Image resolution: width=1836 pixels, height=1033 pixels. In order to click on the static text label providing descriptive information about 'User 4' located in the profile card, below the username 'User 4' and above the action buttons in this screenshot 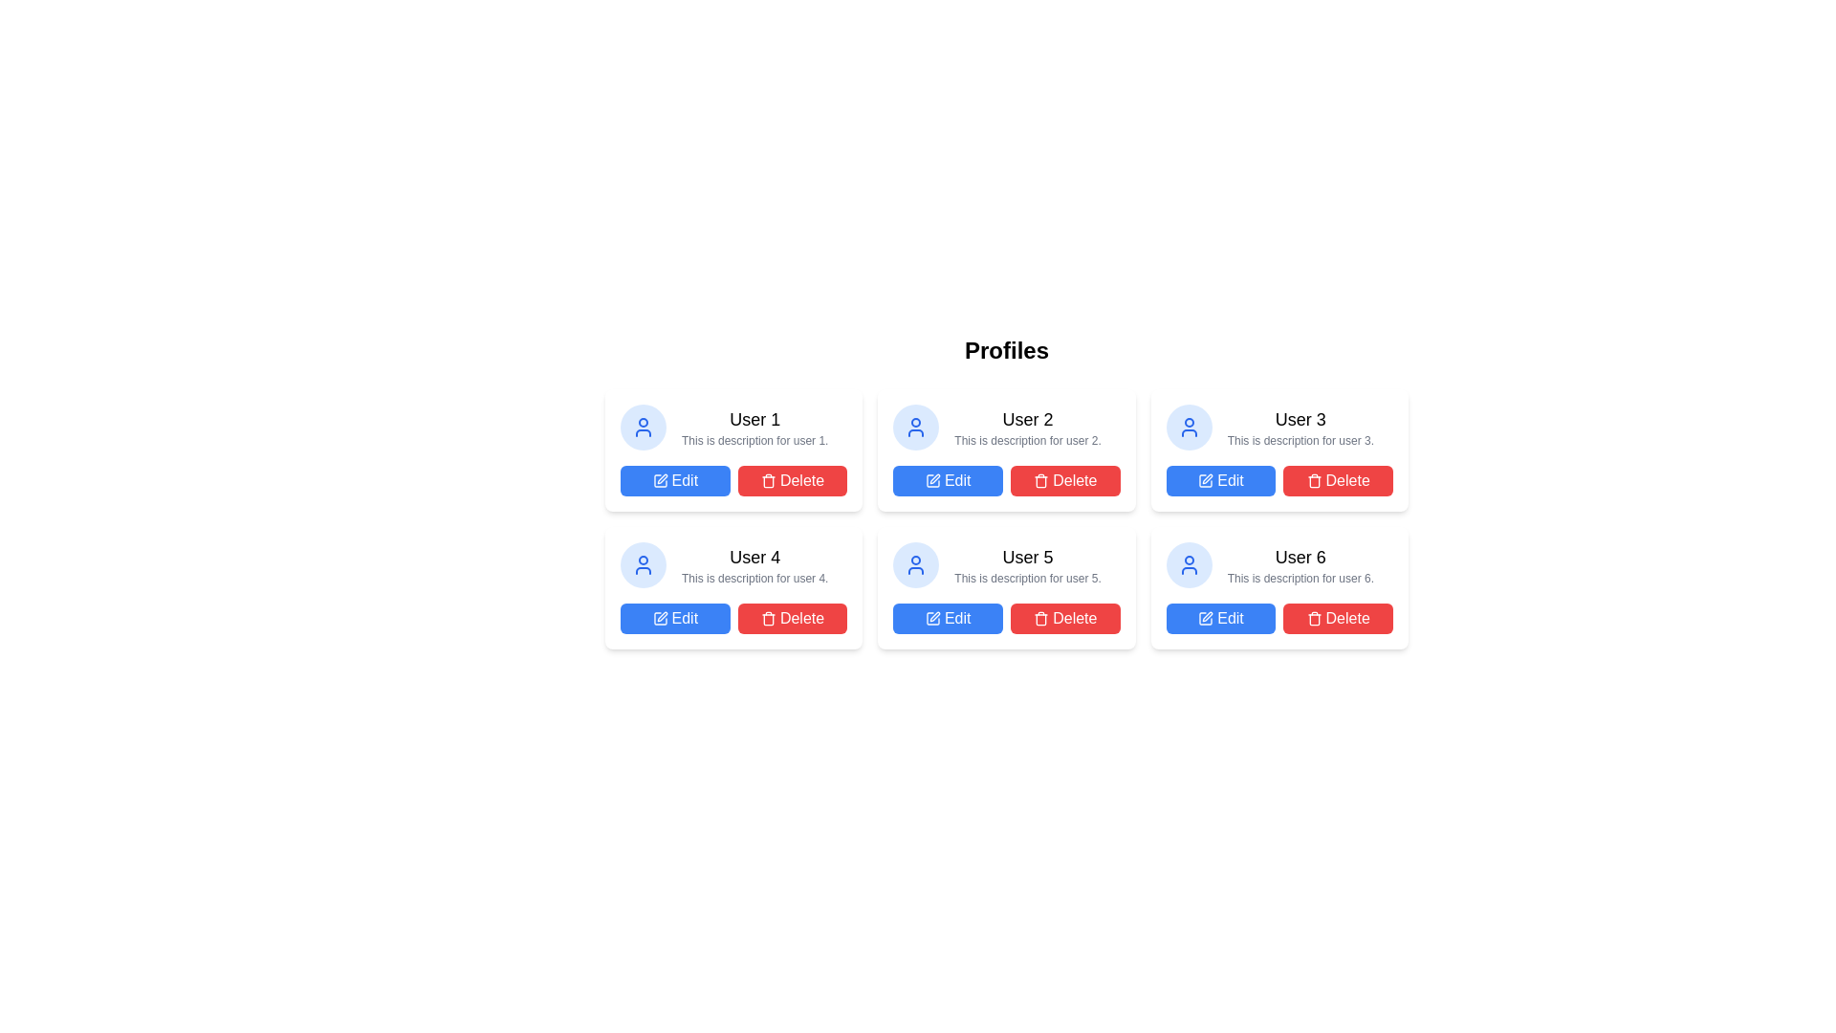, I will do `click(754, 578)`.